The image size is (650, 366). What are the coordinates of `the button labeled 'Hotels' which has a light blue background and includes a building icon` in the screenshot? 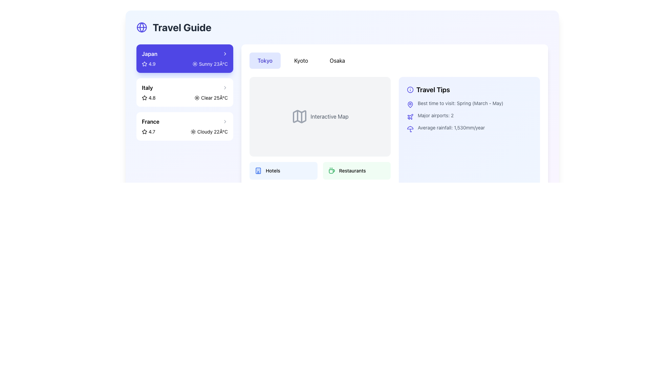 It's located at (283, 170).